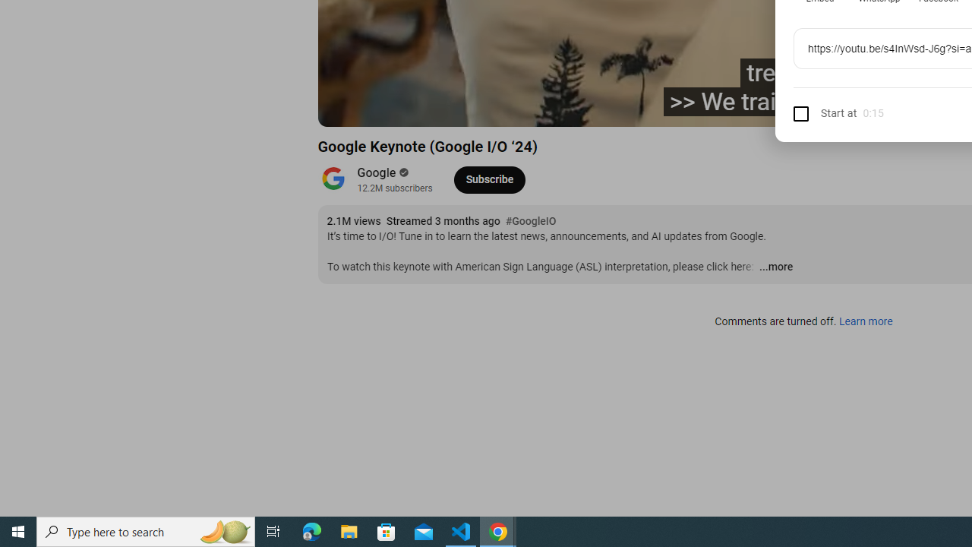 This screenshot has height=547, width=972. Describe the element at coordinates (377, 172) in the screenshot. I see `'Google'` at that location.